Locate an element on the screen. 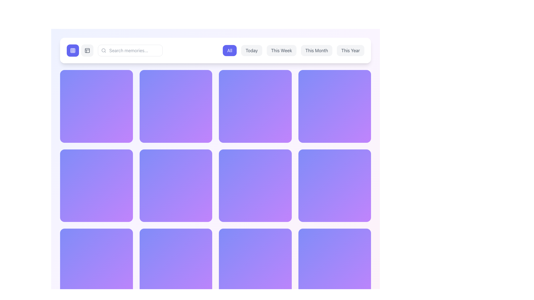 Image resolution: width=534 pixels, height=300 pixels. the square tile with a gradient background transitioning from indigo to purple is located at coordinates (175, 106).